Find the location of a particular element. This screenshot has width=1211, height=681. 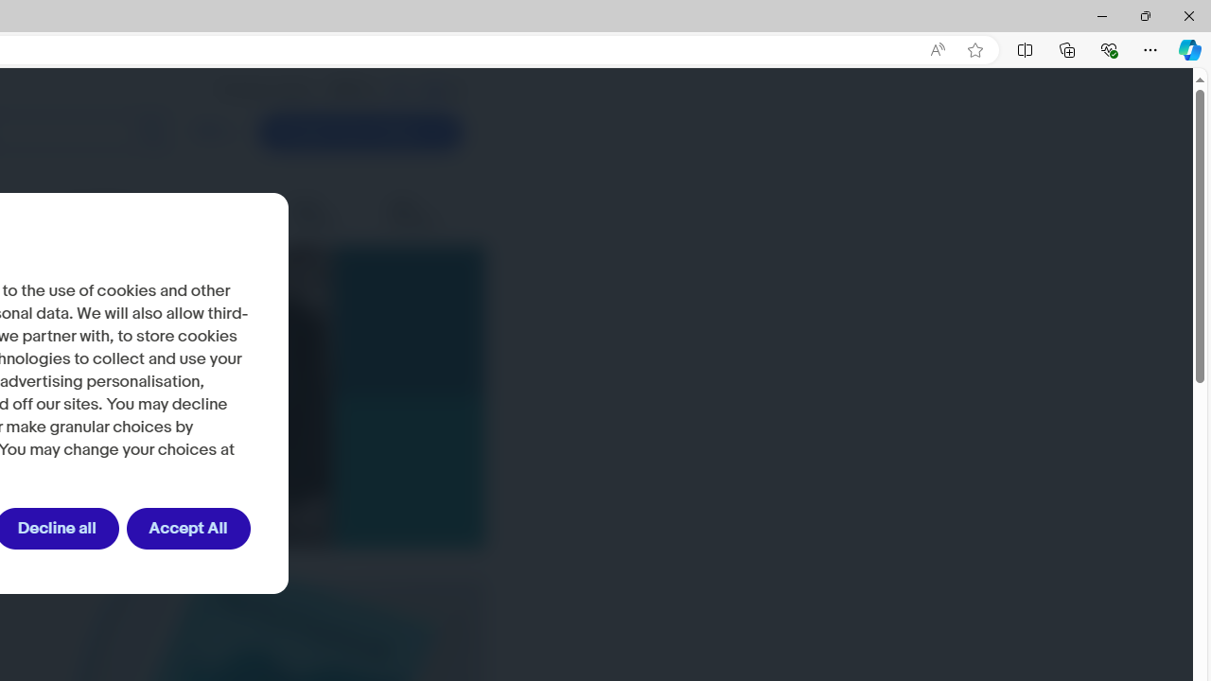

'Restore' is located at coordinates (1144, 15).